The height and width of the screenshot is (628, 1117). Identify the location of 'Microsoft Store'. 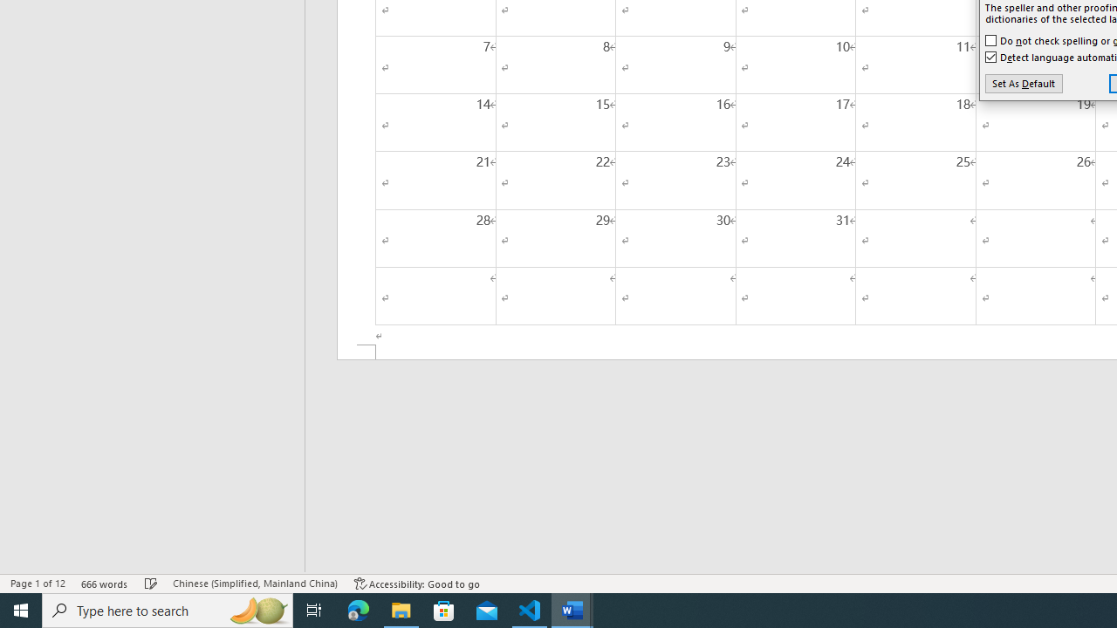
(444, 609).